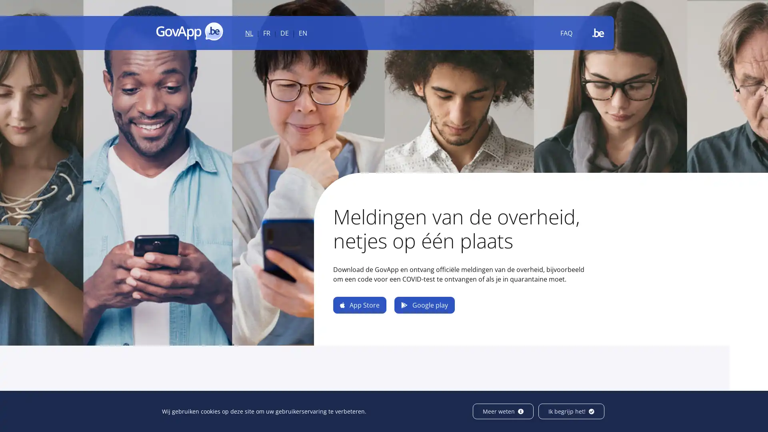 The width and height of the screenshot is (768, 432). What do you see at coordinates (571, 411) in the screenshot?
I see `Ik begrijp het!` at bounding box center [571, 411].